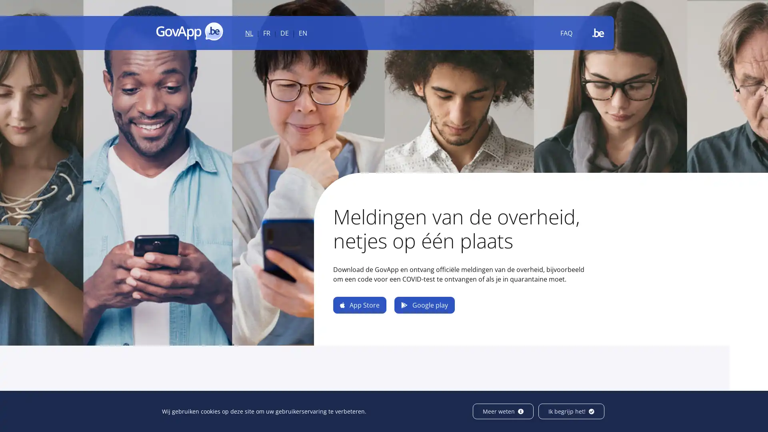 The width and height of the screenshot is (768, 432). What do you see at coordinates (571, 411) in the screenshot?
I see `Ik begrijp het!` at bounding box center [571, 411].